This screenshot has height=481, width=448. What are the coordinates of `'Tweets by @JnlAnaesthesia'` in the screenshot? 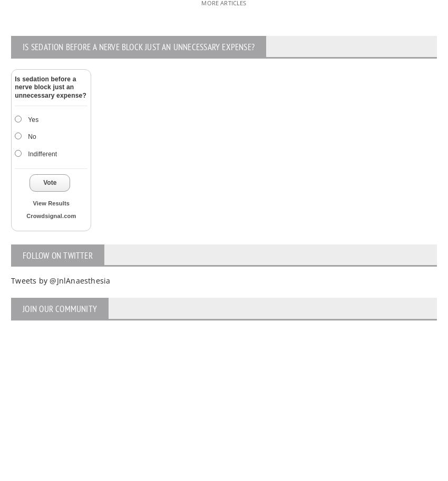 It's located at (60, 280).